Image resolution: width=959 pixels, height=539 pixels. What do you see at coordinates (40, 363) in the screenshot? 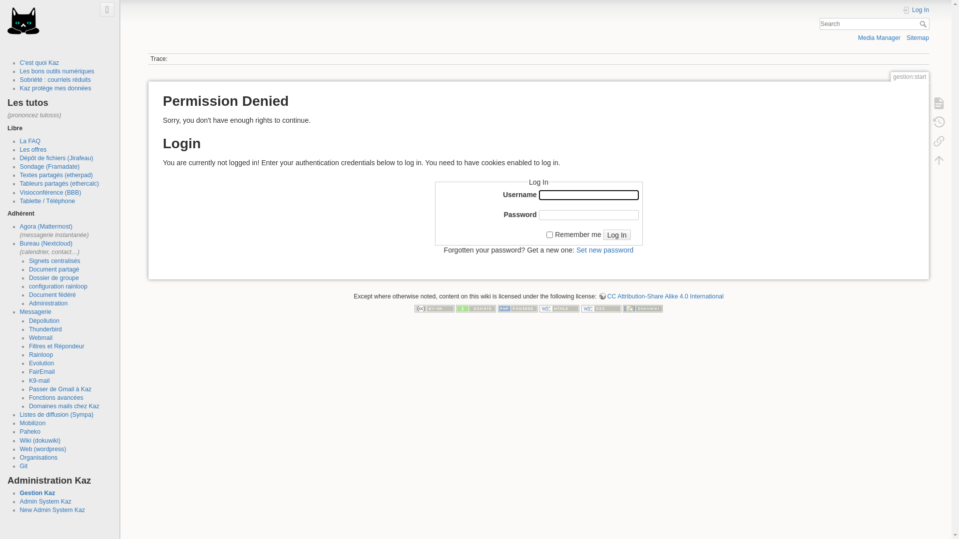
I see `'Evolution'` at bounding box center [40, 363].